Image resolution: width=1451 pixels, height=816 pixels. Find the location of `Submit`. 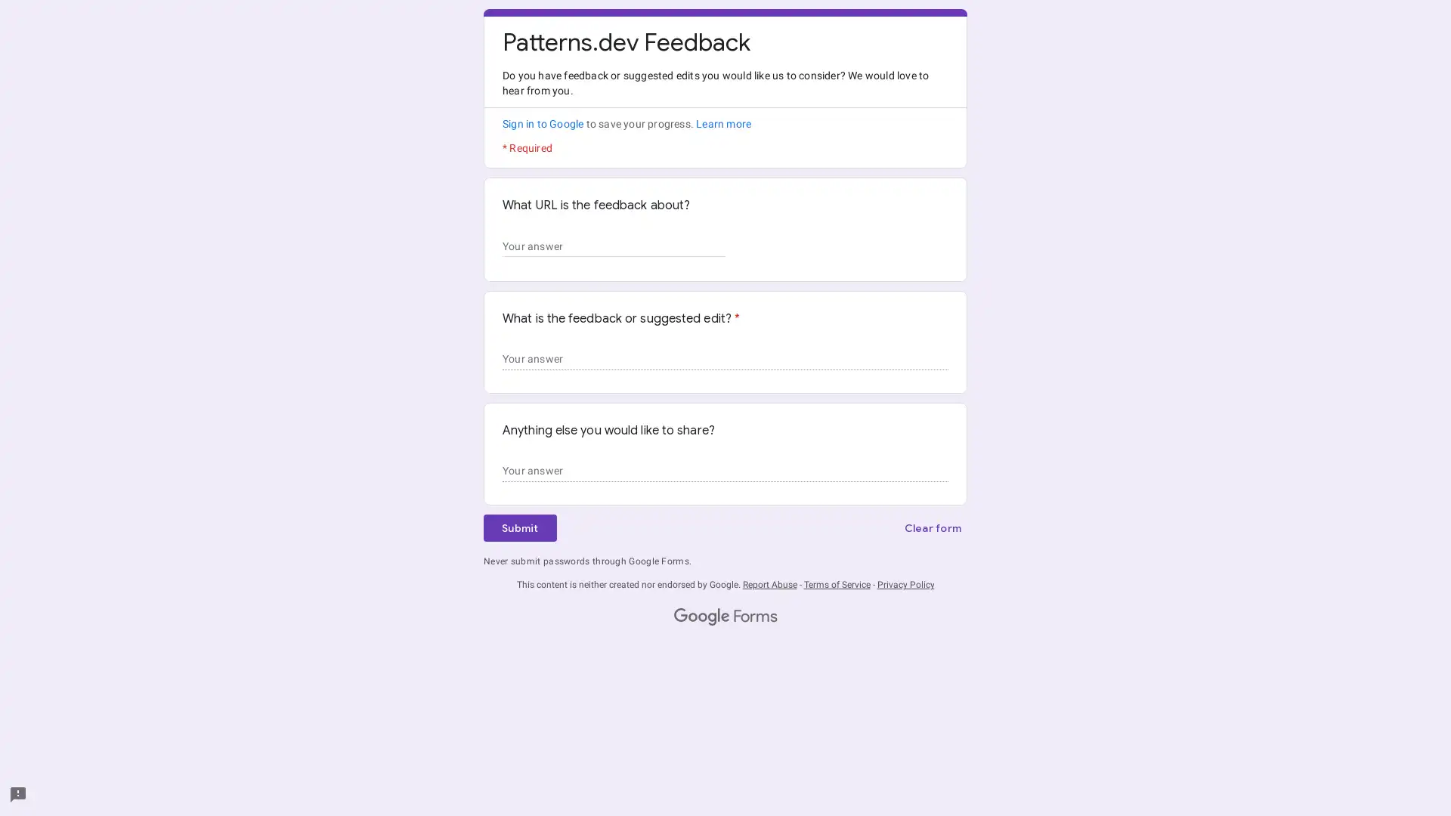

Submit is located at coordinates (519, 527).